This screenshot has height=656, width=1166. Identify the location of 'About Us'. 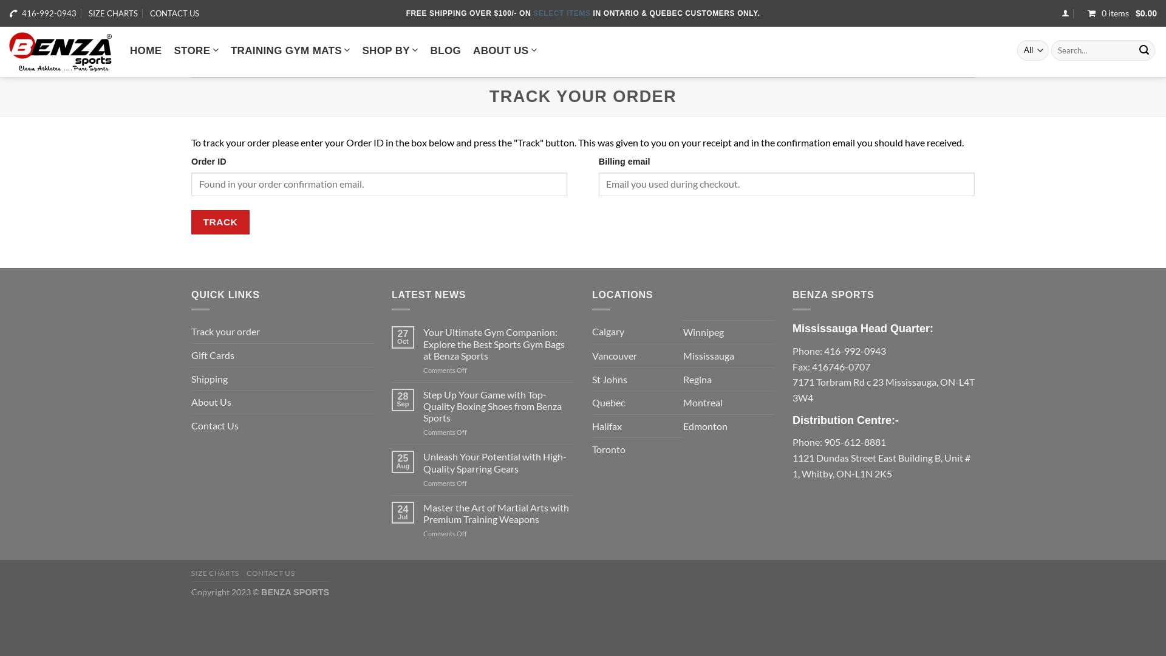
(211, 402).